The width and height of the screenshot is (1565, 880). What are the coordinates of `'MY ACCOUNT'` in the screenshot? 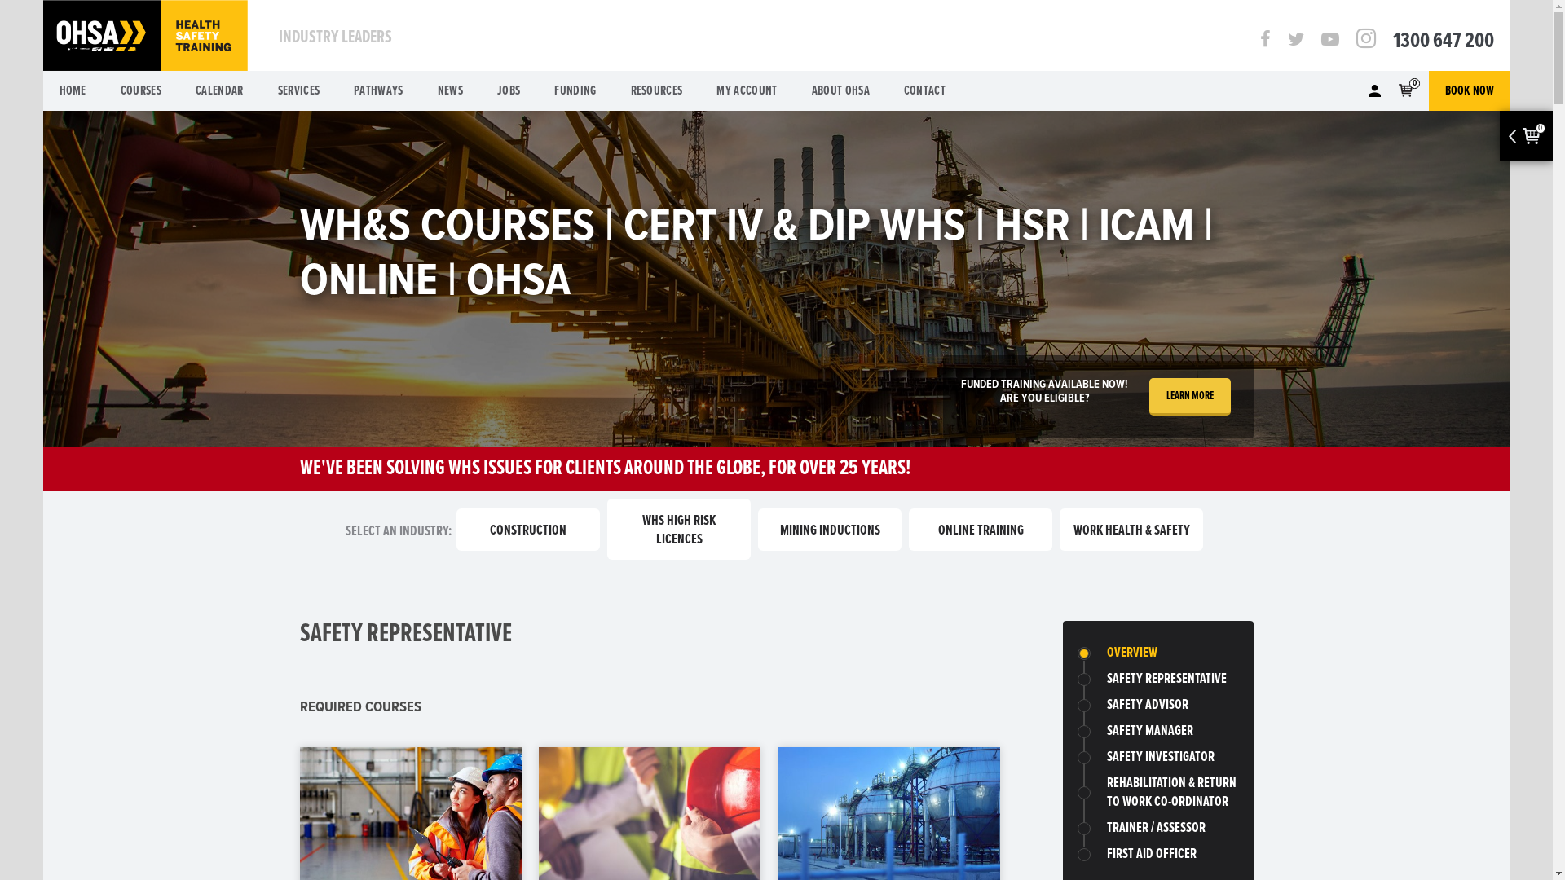 It's located at (746, 90).